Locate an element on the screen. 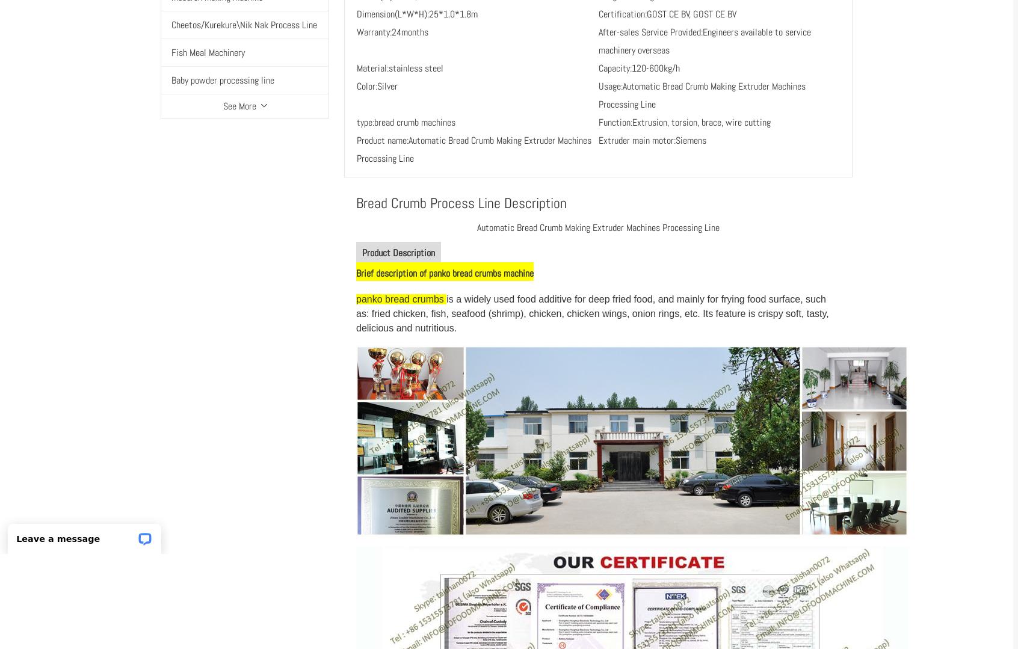 This screenshot has width=1018, height=649. 'Fish Meal Machinery' is located at coordinates (208, 52).